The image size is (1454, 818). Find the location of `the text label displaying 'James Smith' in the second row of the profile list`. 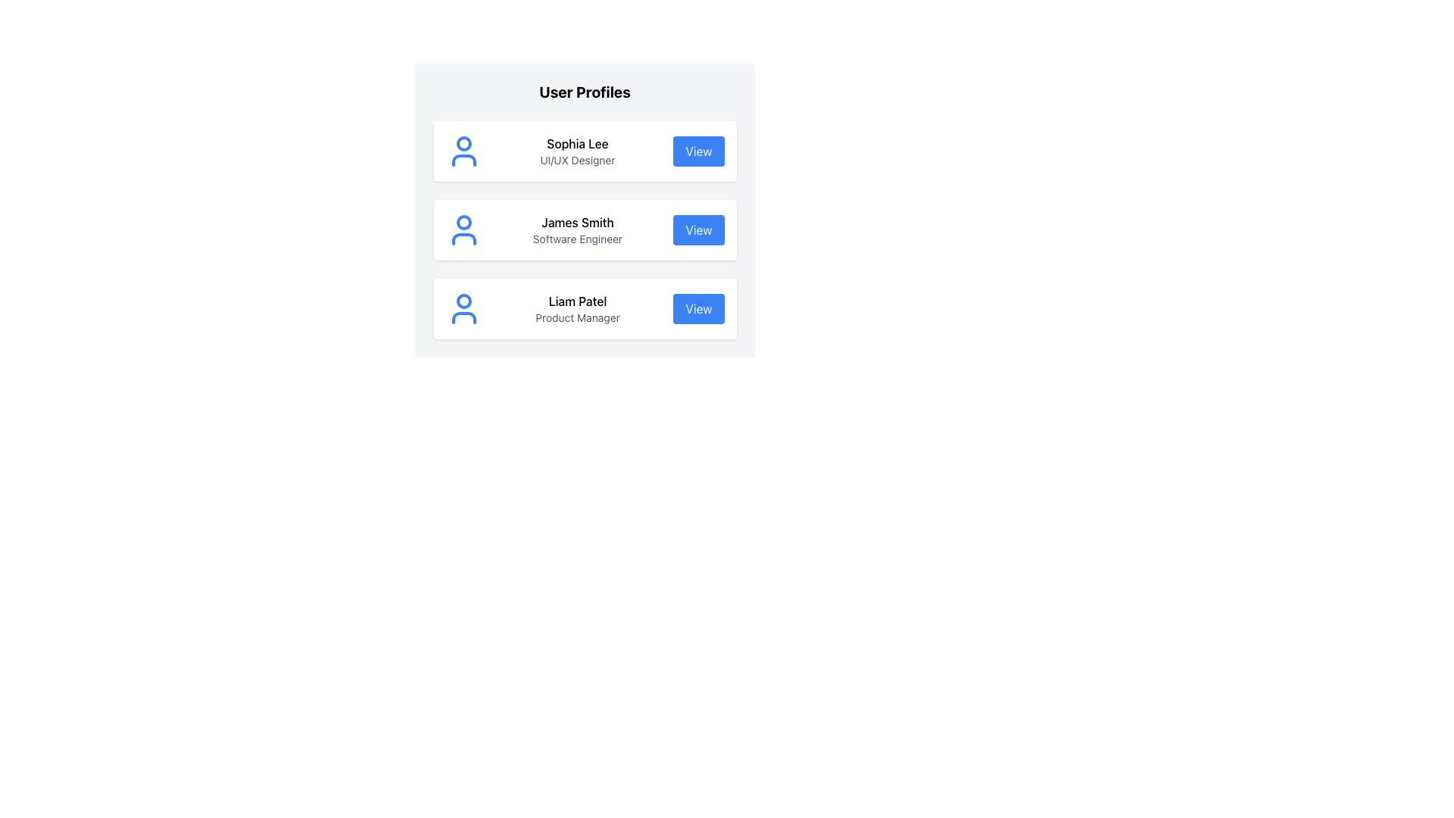

the text label displaying 'James Smith' in the second row of the profile list is located at coordinates (577, 222).